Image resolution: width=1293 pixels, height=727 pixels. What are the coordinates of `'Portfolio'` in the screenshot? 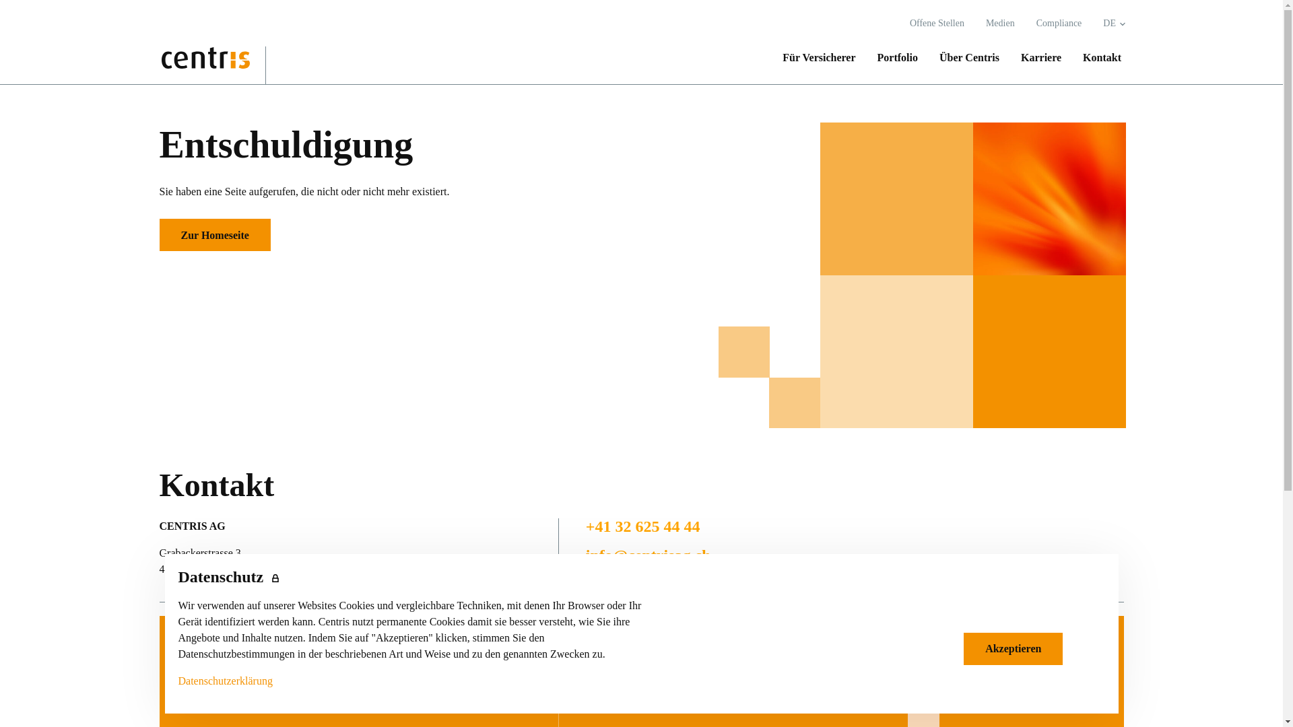 It's located at (227, 703).